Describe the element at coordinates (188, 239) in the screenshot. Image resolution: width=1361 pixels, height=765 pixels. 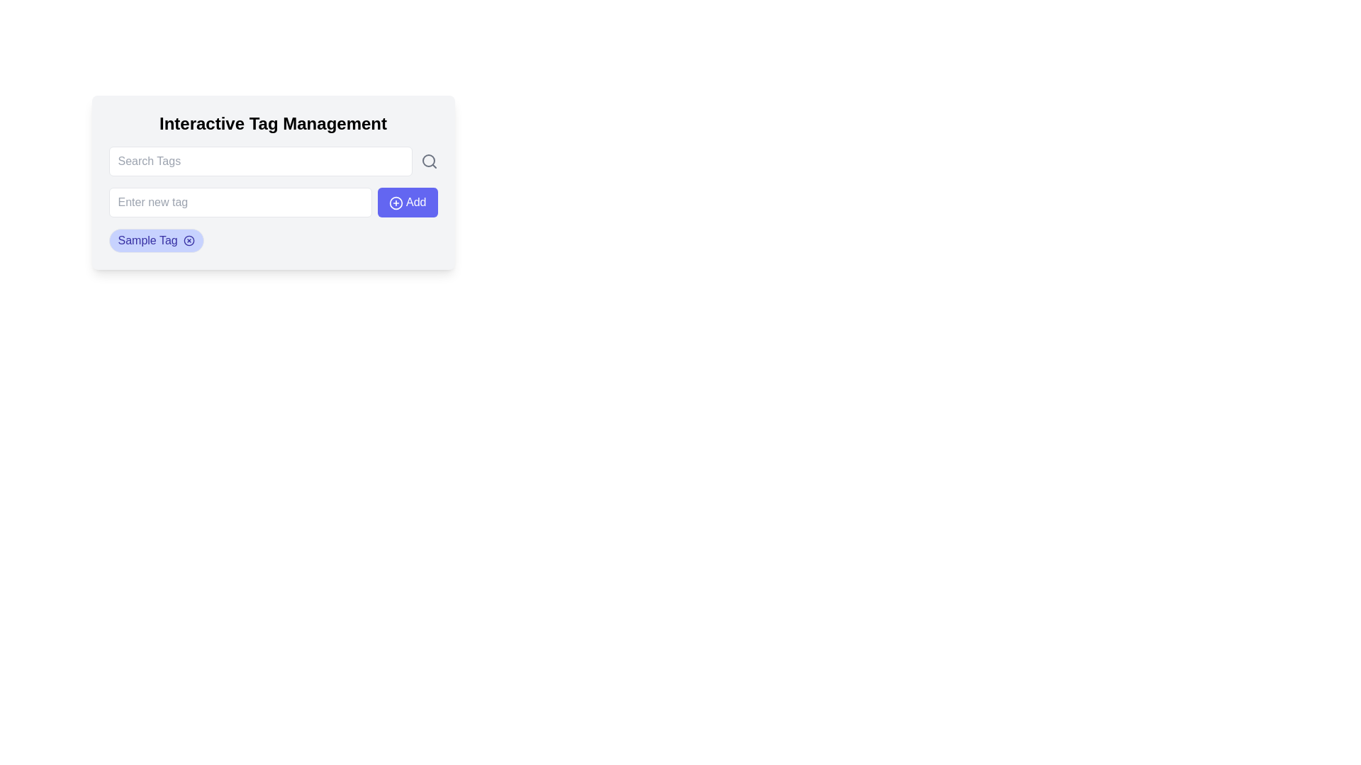
I see `the close or remove button located at the right end of the 'Sample Tag' to interact via keyboard` at that location.